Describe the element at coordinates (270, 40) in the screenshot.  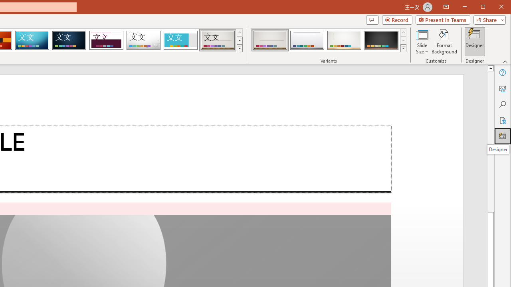
I see `'Gallery Variant 1'` at that location.